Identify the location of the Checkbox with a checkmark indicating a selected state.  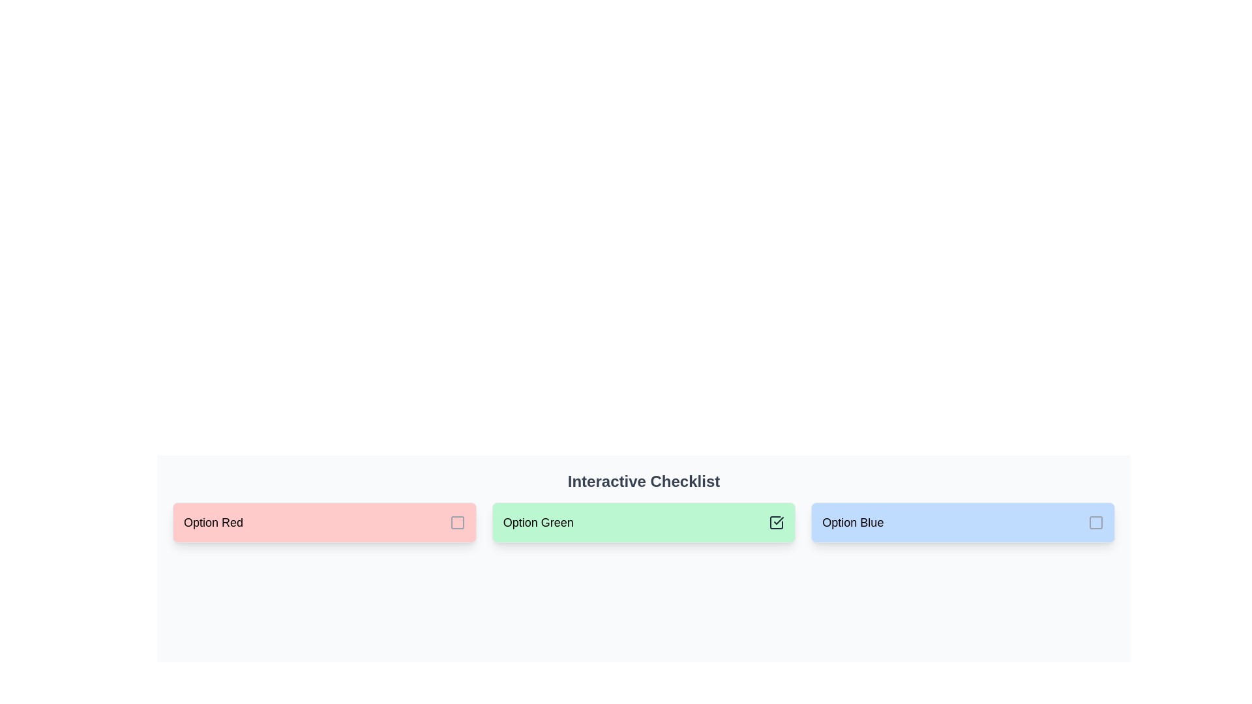
(777, 522).